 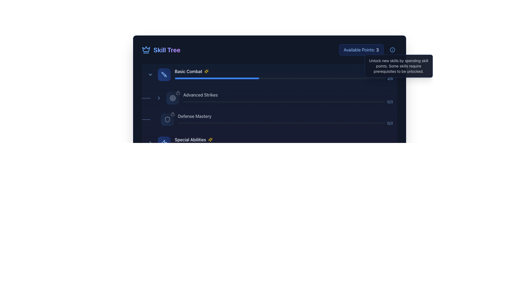 What do you see at coordinates (200, 94) in the screenshot?
I see `the 'Advanced Strikes' text label, which is displayed in light blue color and is positioned under the 'Basic Combat' skill section in the skill tree layout` at bounding box center [200, 94].